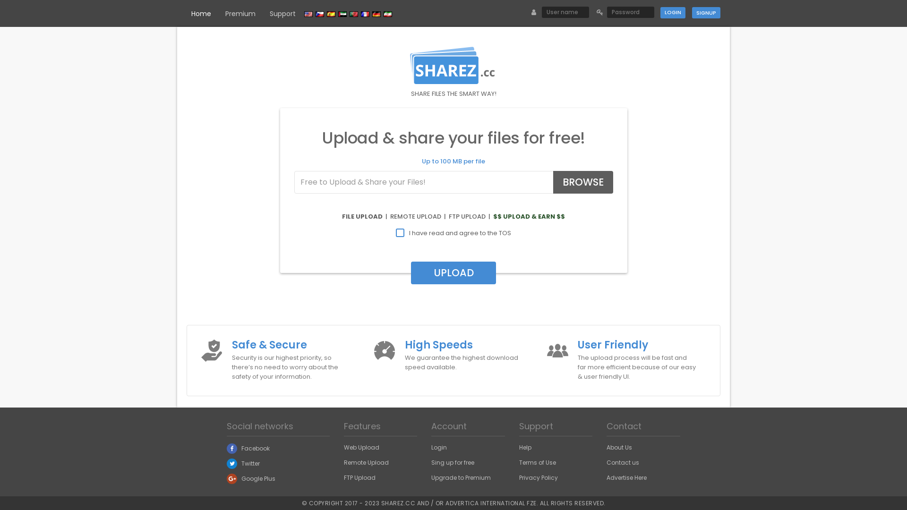 Image resolution: width=907 pixels, height=510 pixels. What do you see at coordinates (623, 462) in the screenshot?
I see `'Contact us'` at bounding box center [623, 462].